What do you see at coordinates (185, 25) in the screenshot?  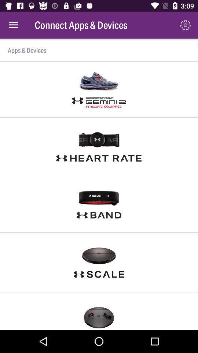 I see `the item above apps & devices` at bounding box center [185, 25].